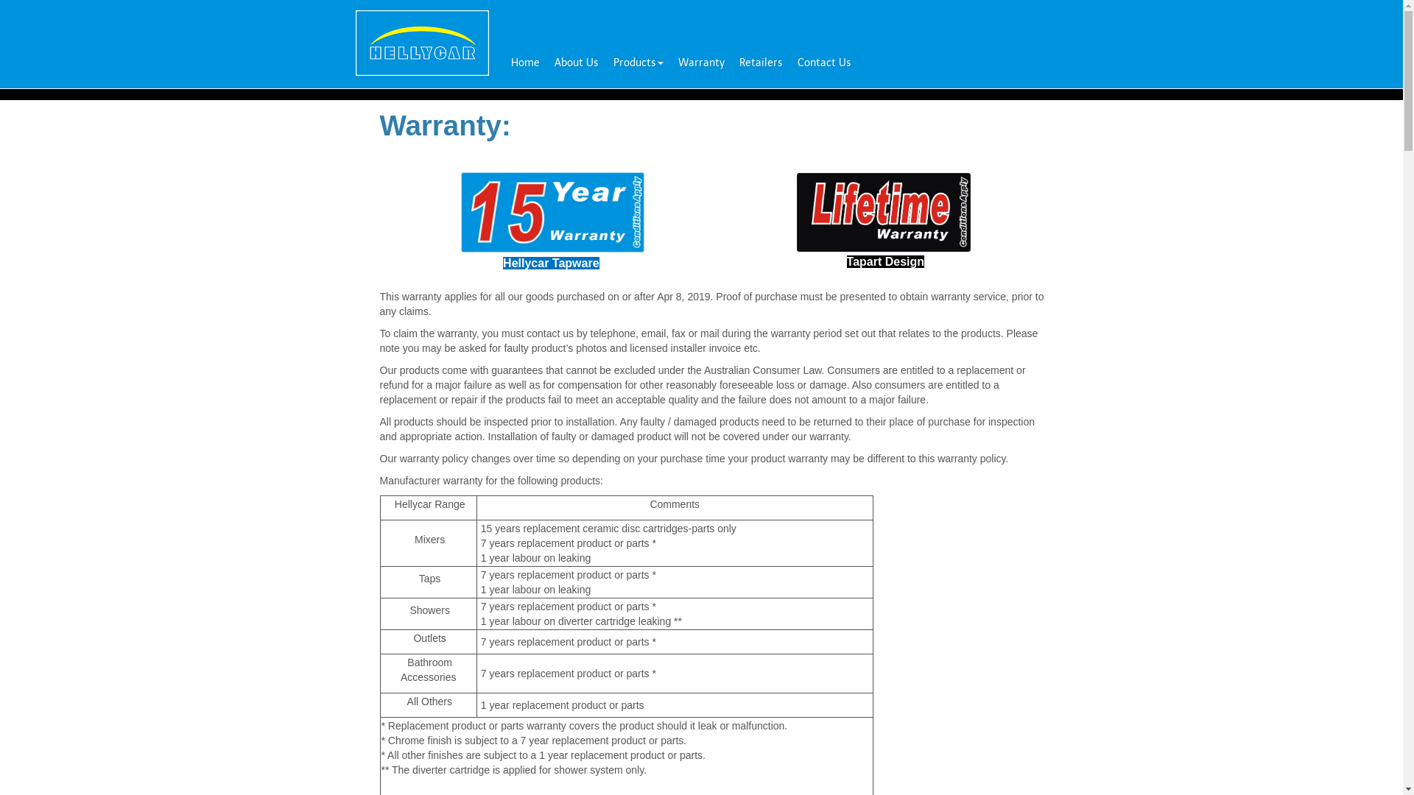 The image size is (1414, 795). Describe the element at coordinates (637, 61) in the screenshot. I see `'Products'` at that location.